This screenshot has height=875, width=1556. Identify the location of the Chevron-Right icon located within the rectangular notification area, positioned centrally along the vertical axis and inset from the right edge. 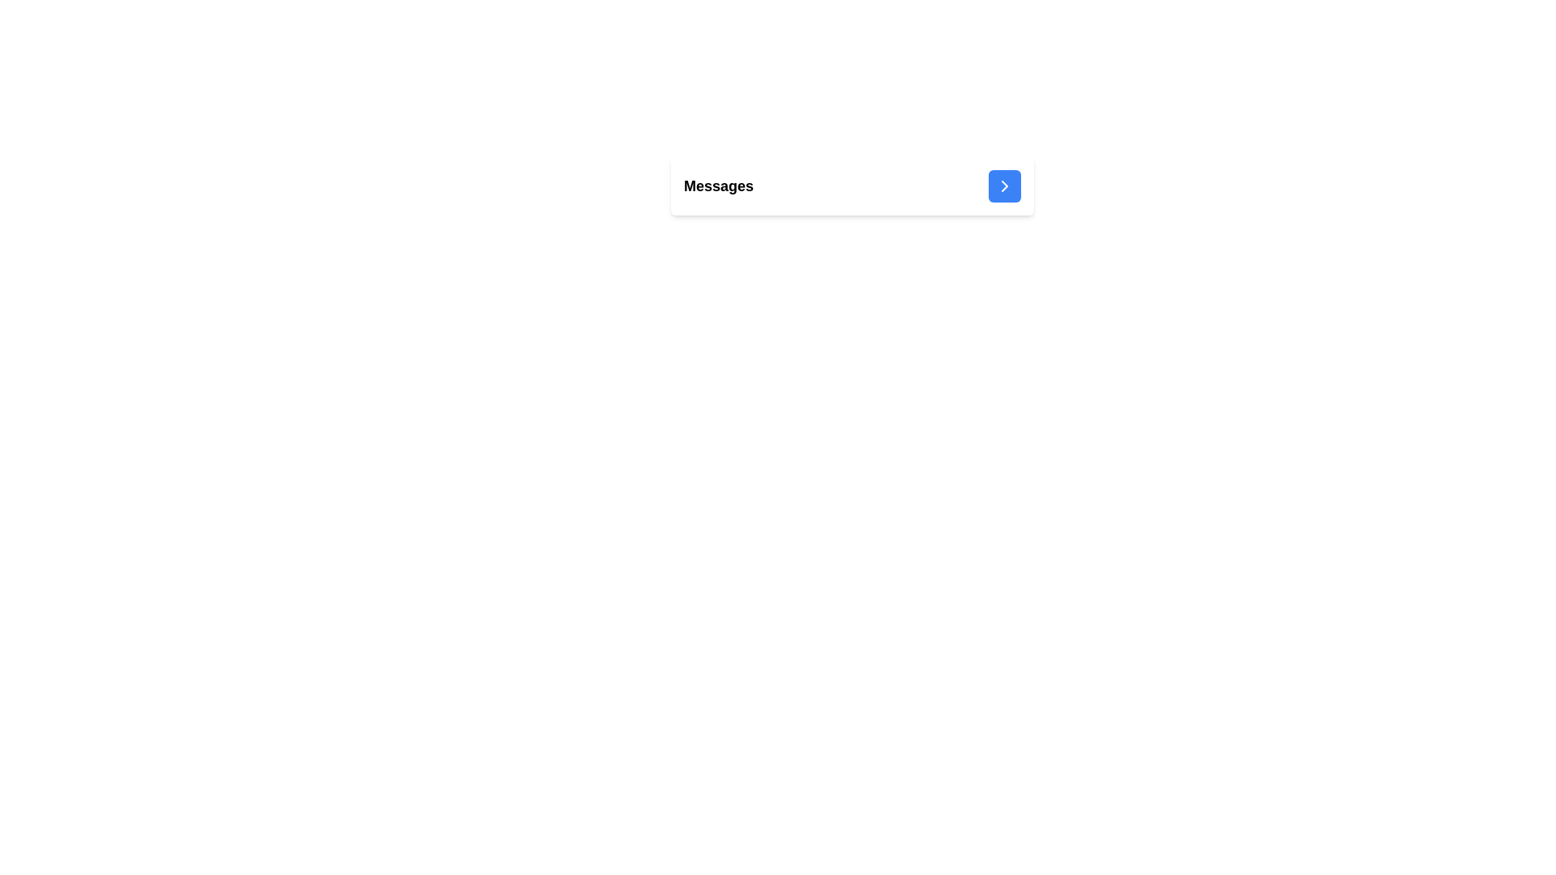
(1003, 186).